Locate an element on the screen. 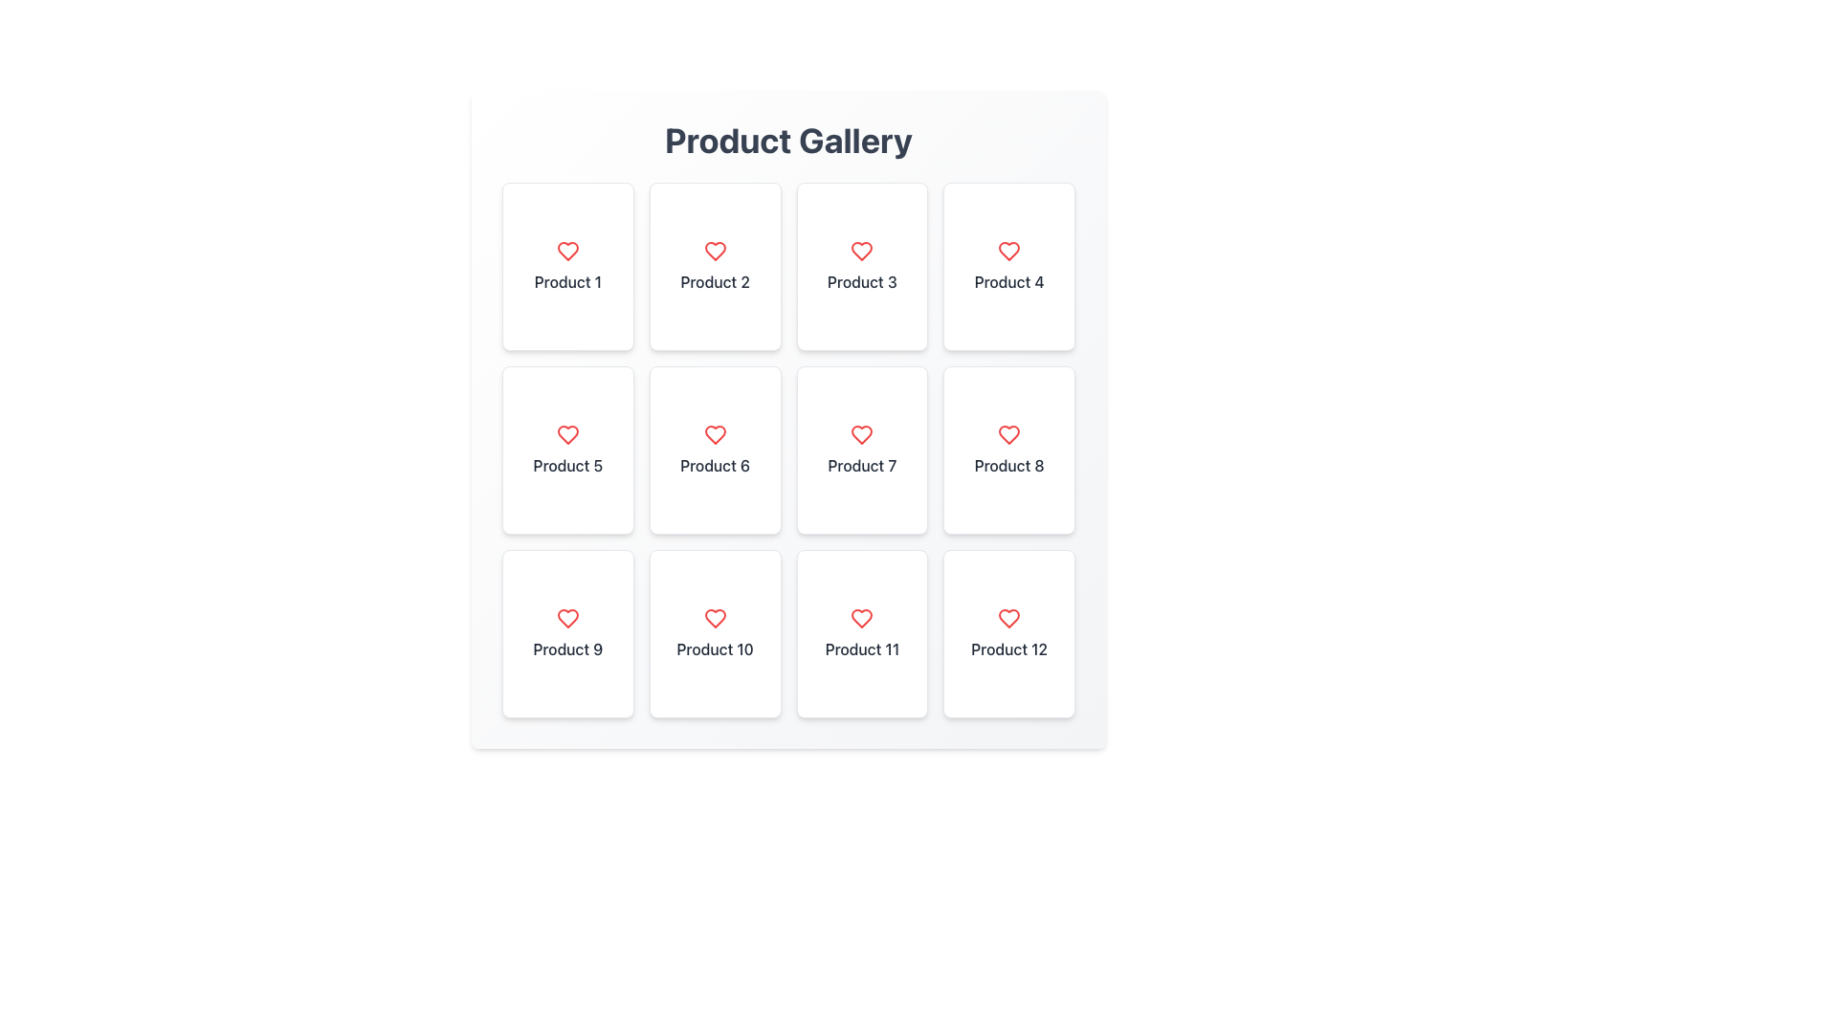  the product card located in the second column of the first row of the gallery is located at coordinates (714, 266).